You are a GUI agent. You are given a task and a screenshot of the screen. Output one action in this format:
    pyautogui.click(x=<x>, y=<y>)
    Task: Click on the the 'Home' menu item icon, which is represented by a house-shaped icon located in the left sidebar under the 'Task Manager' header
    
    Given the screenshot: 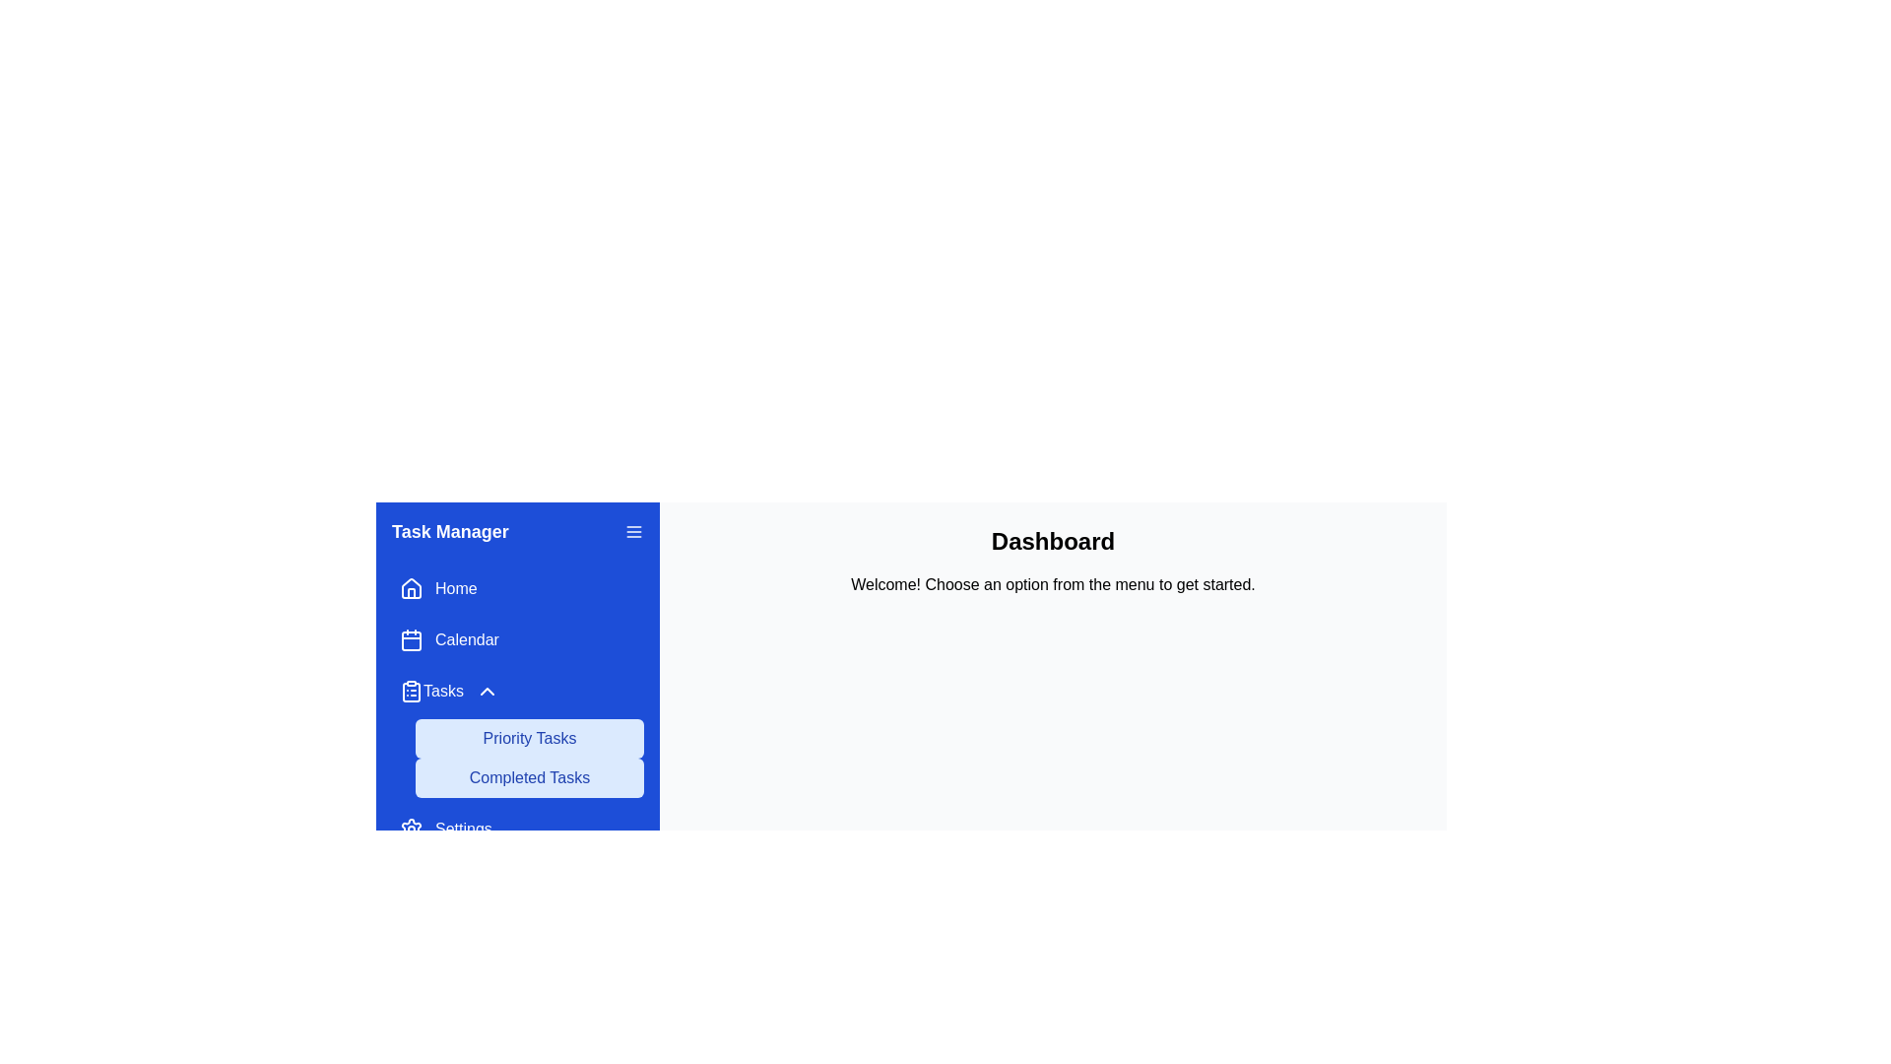 What is the action you would take?
    pyautogui.click(x=410, y=592)
    